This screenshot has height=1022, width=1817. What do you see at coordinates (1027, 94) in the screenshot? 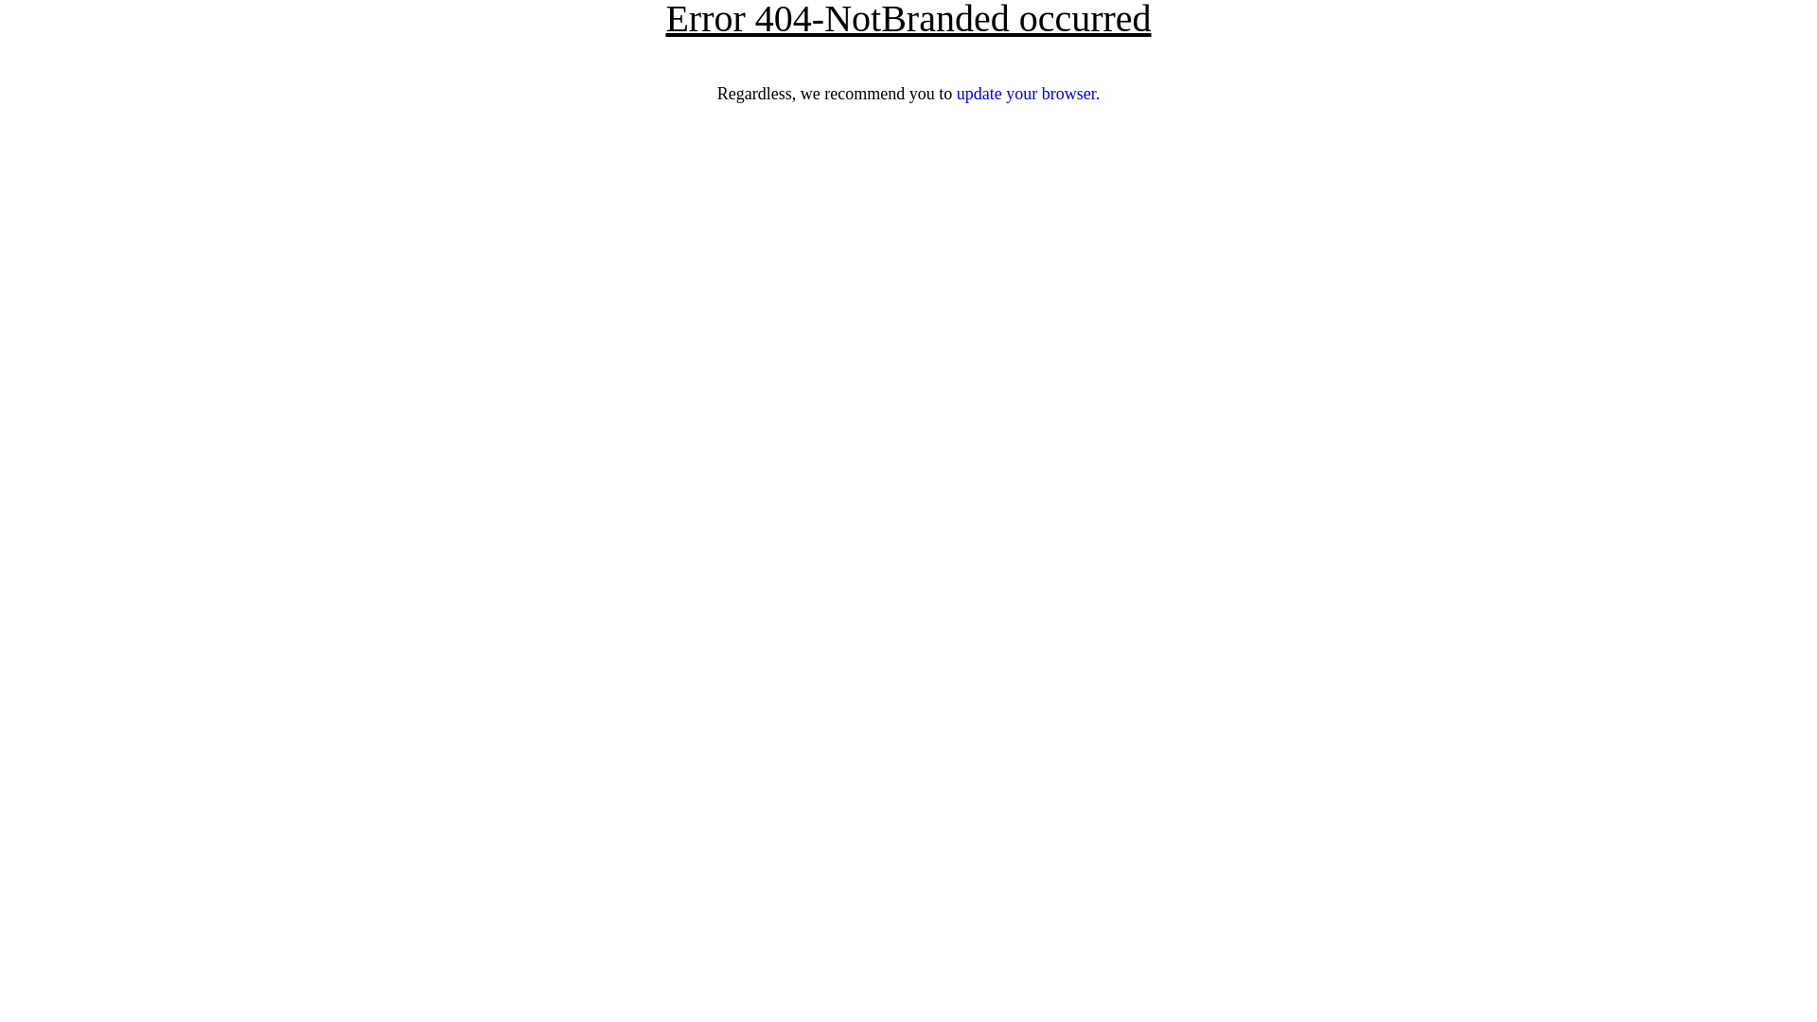
I see `'update your browser.'` at bounding box center [1027, 94].